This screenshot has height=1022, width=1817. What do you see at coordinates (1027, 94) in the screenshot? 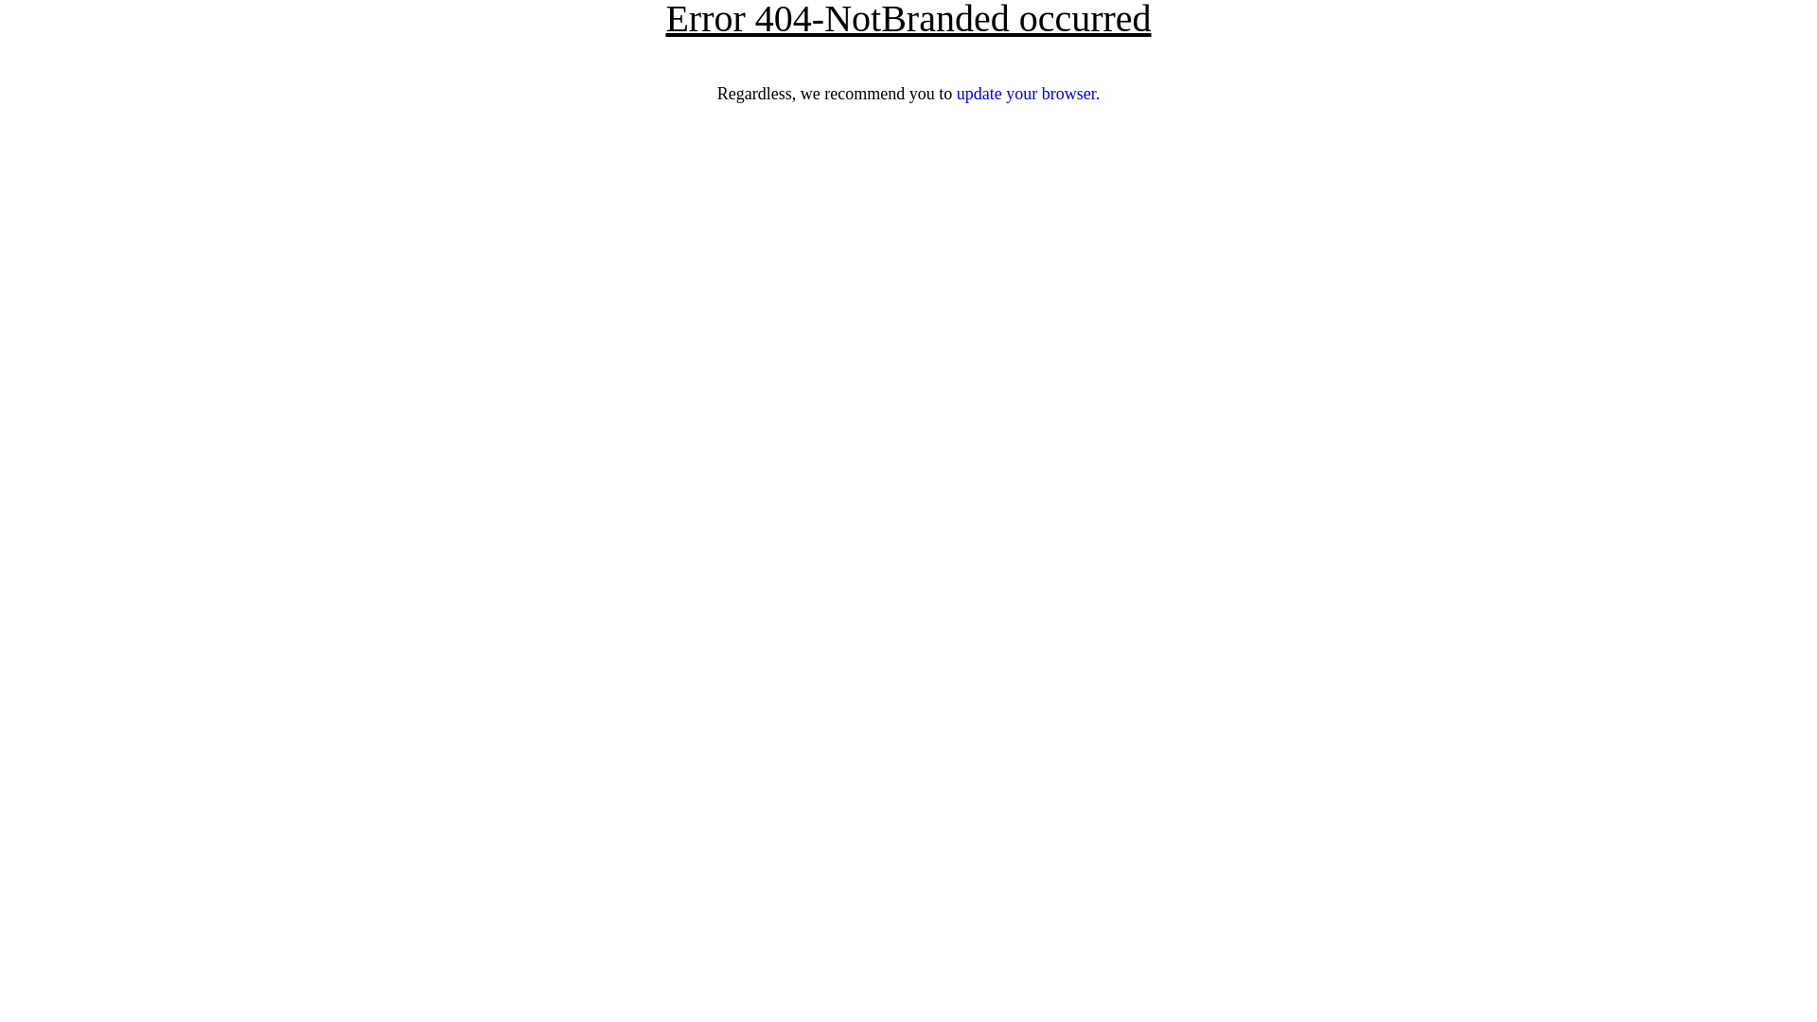
I see `'update your browser.'` at bounding box center [1027, 94].